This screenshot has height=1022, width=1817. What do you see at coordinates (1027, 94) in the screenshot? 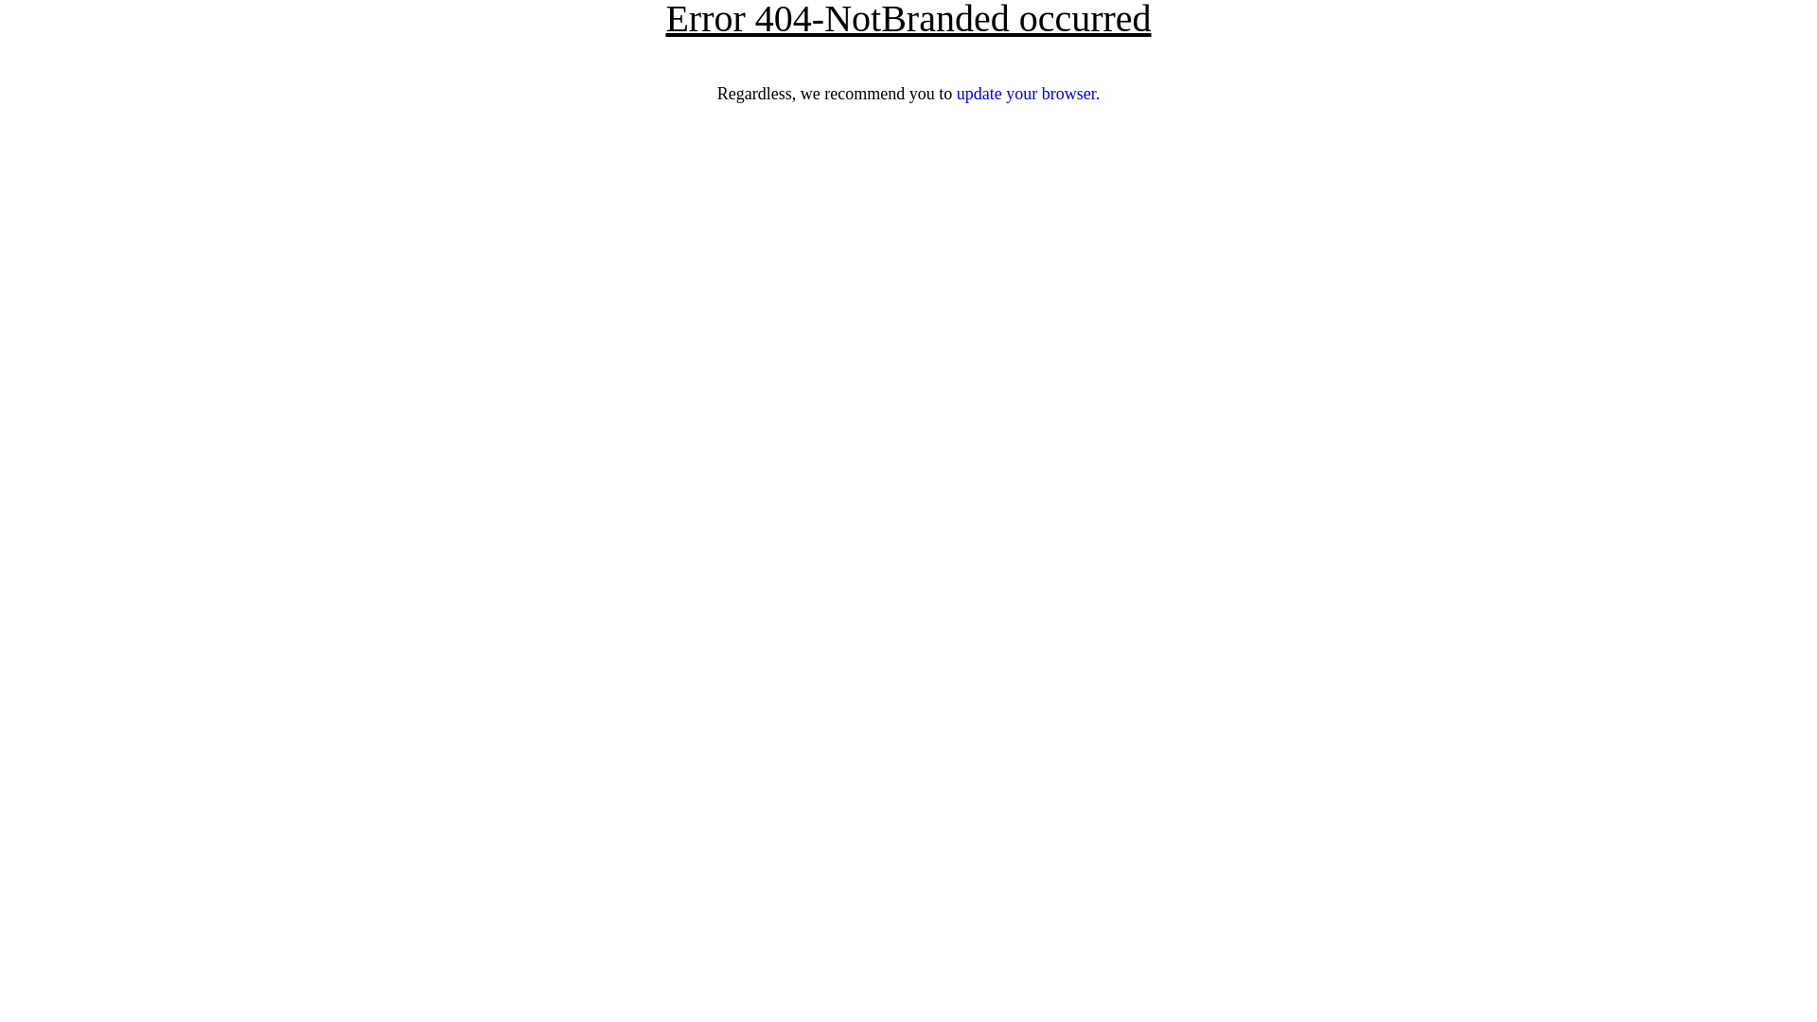
I see `'update your browser.'` at bounding box center [1027, 94].